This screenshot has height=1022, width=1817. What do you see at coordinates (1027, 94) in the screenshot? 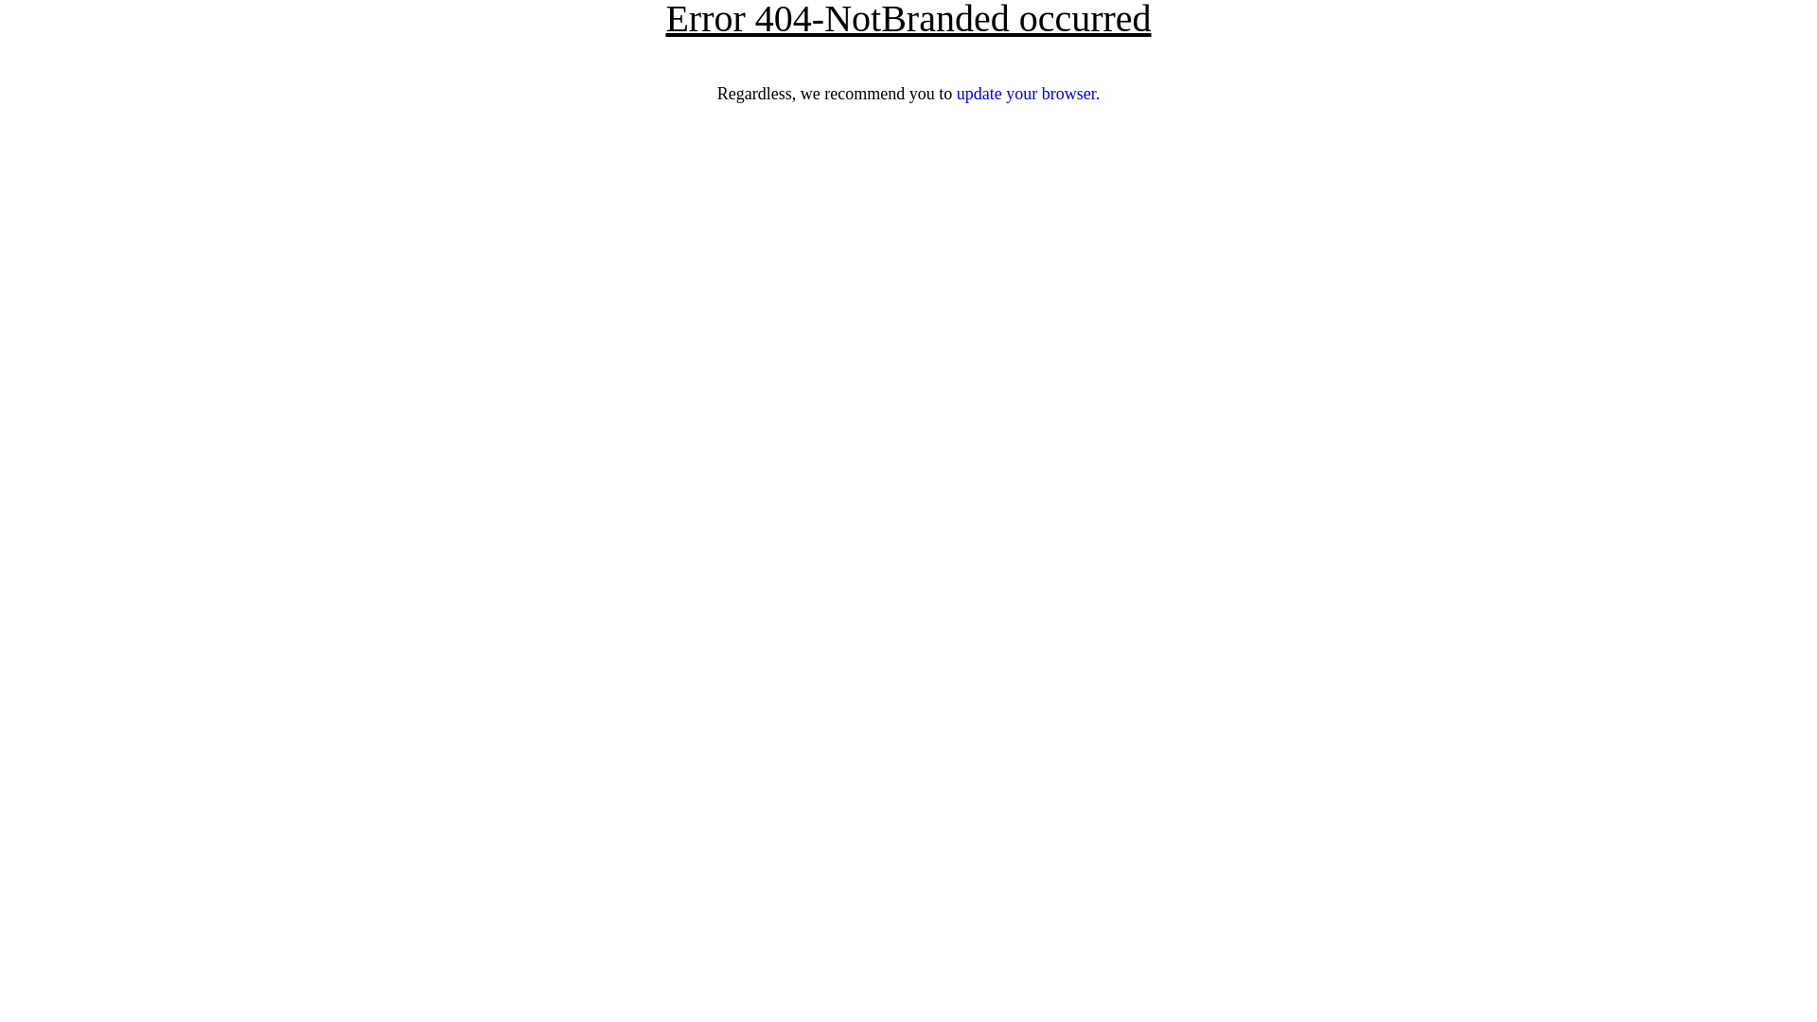
I see `'update your browser.'` at bounding box center [1027, 94].